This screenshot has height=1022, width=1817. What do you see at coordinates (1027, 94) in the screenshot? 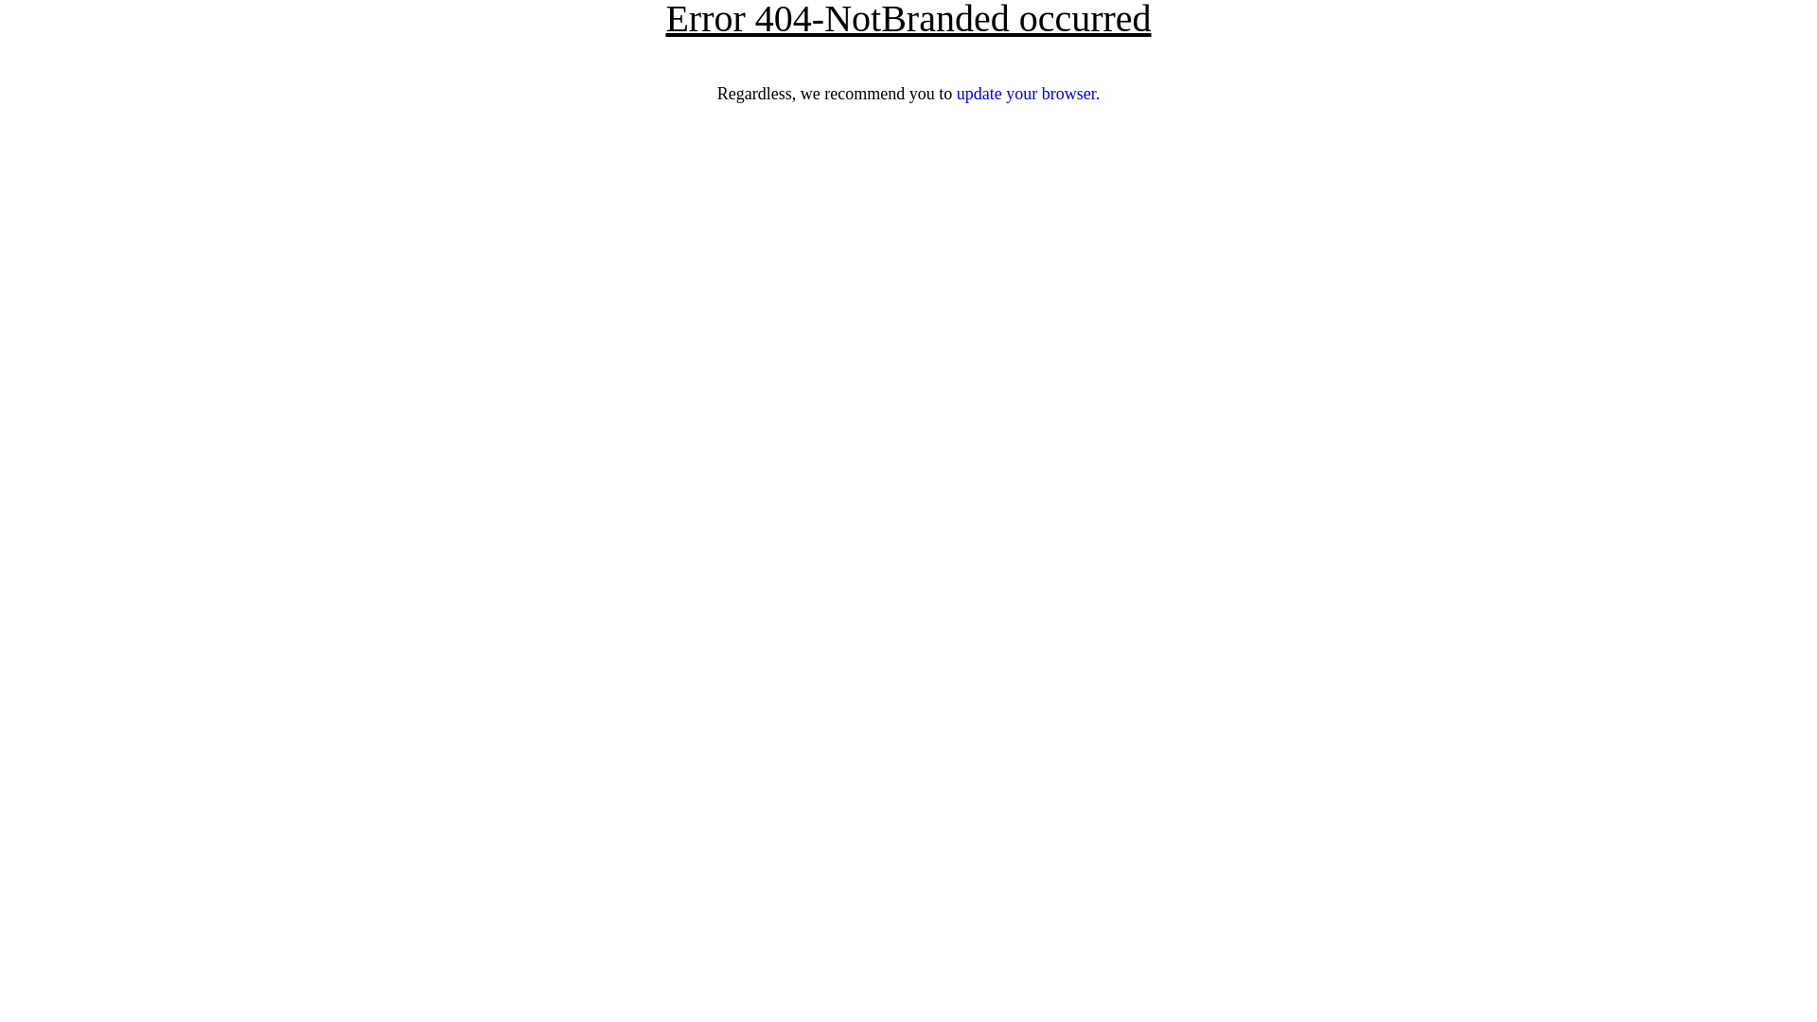
I see `'update your browser.'` at bounding box center [1027, 94].